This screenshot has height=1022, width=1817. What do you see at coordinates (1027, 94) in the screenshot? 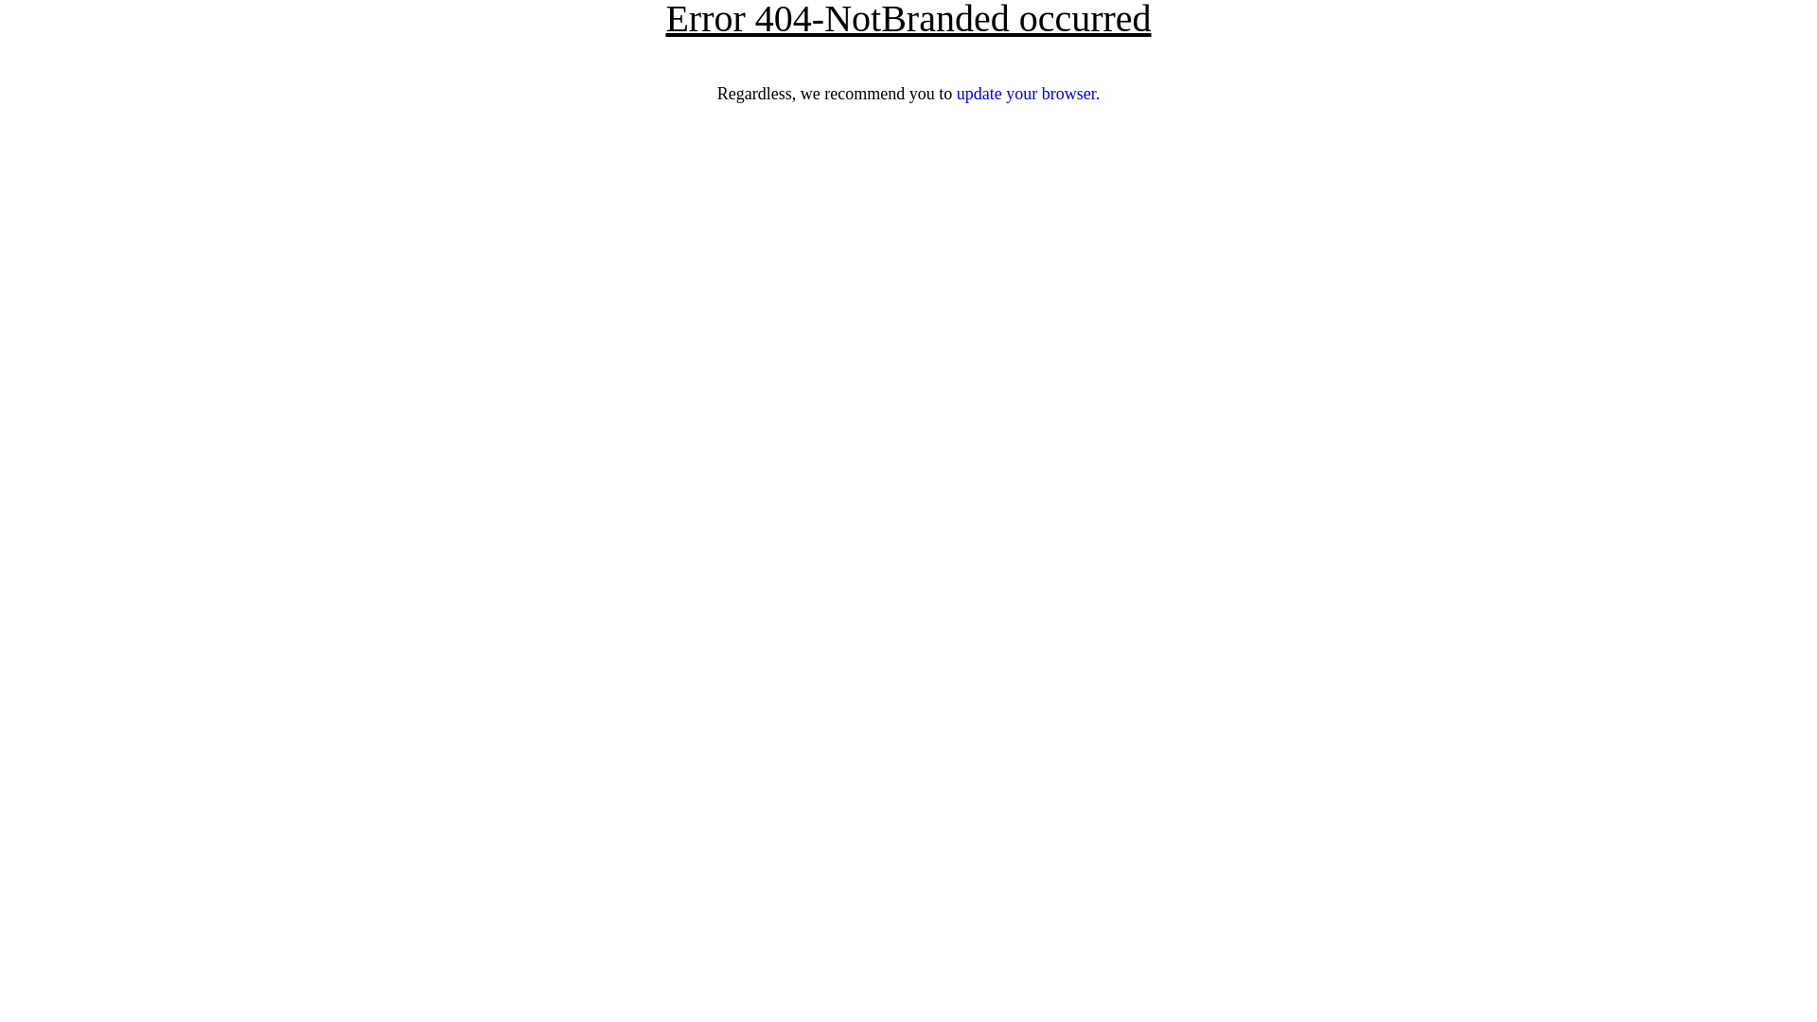
I see `'update your browser.'` at bounding box center [1027, 94].